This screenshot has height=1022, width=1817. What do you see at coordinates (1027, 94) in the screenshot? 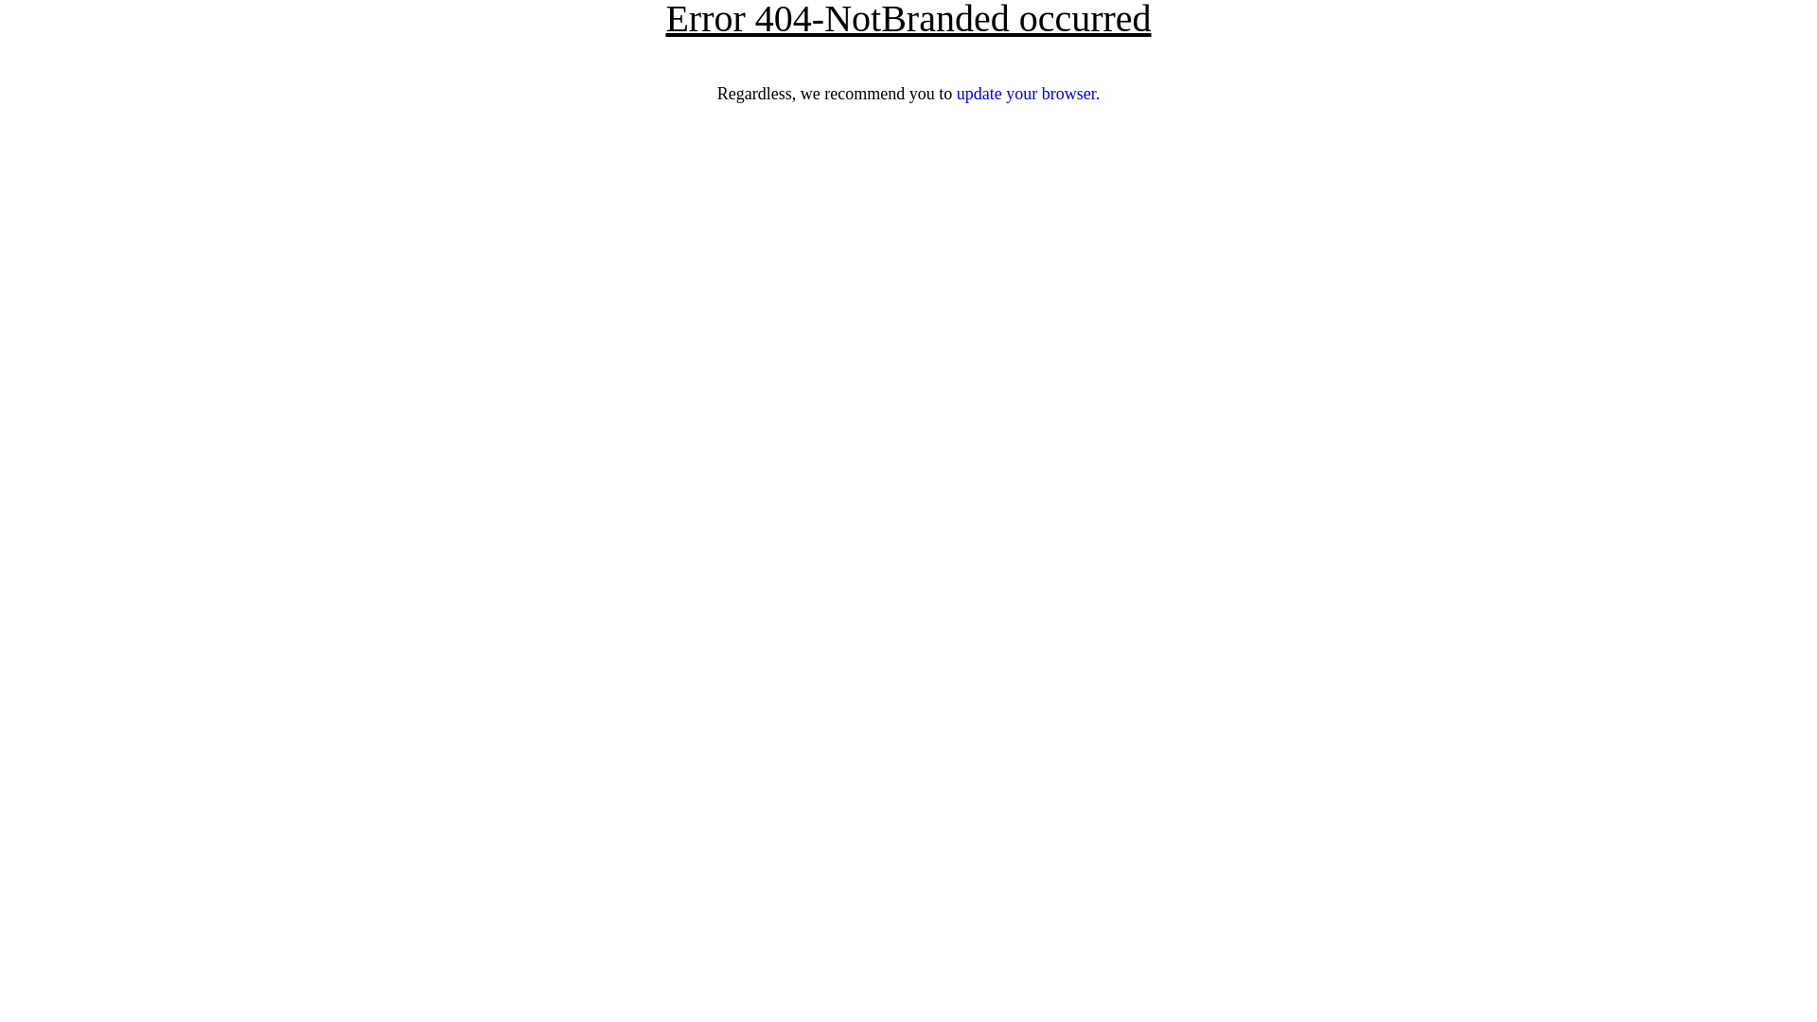
I see `'update your browser.'` at bounding box center [1027, 94].